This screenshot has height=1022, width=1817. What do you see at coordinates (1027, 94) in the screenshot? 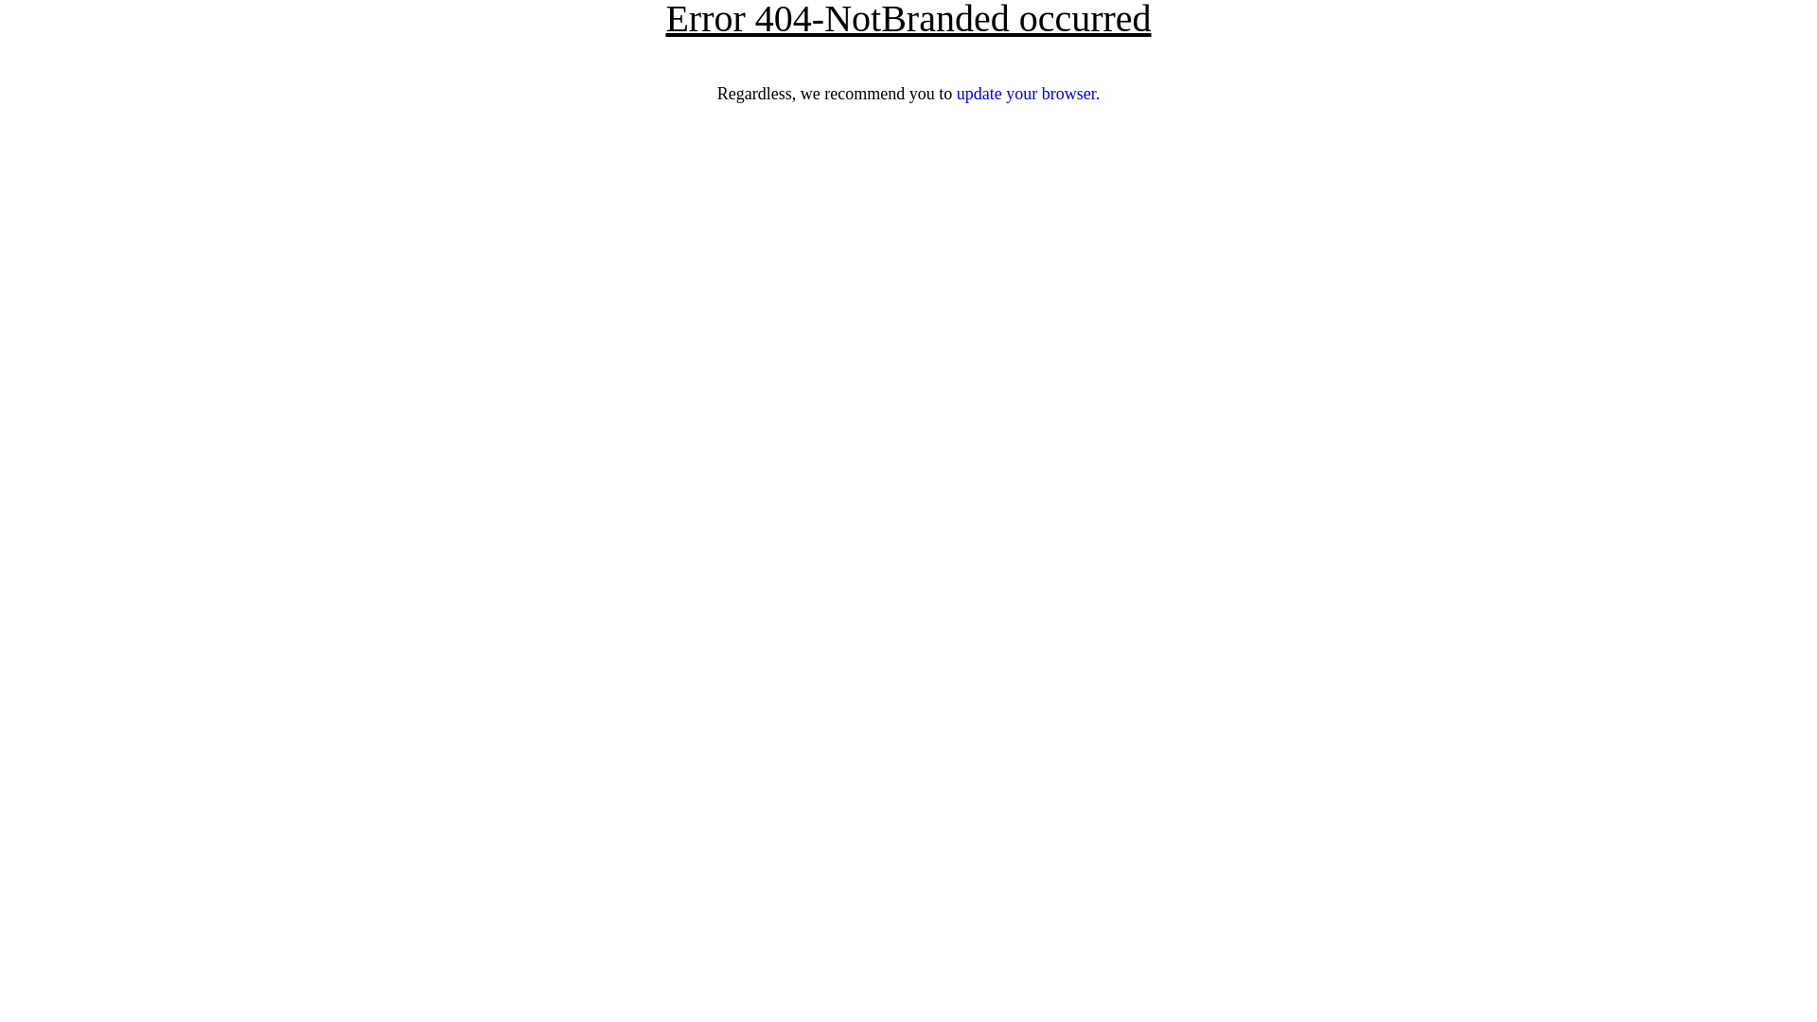
I see `'update your browser.'` at bounding box center [1027, 94].